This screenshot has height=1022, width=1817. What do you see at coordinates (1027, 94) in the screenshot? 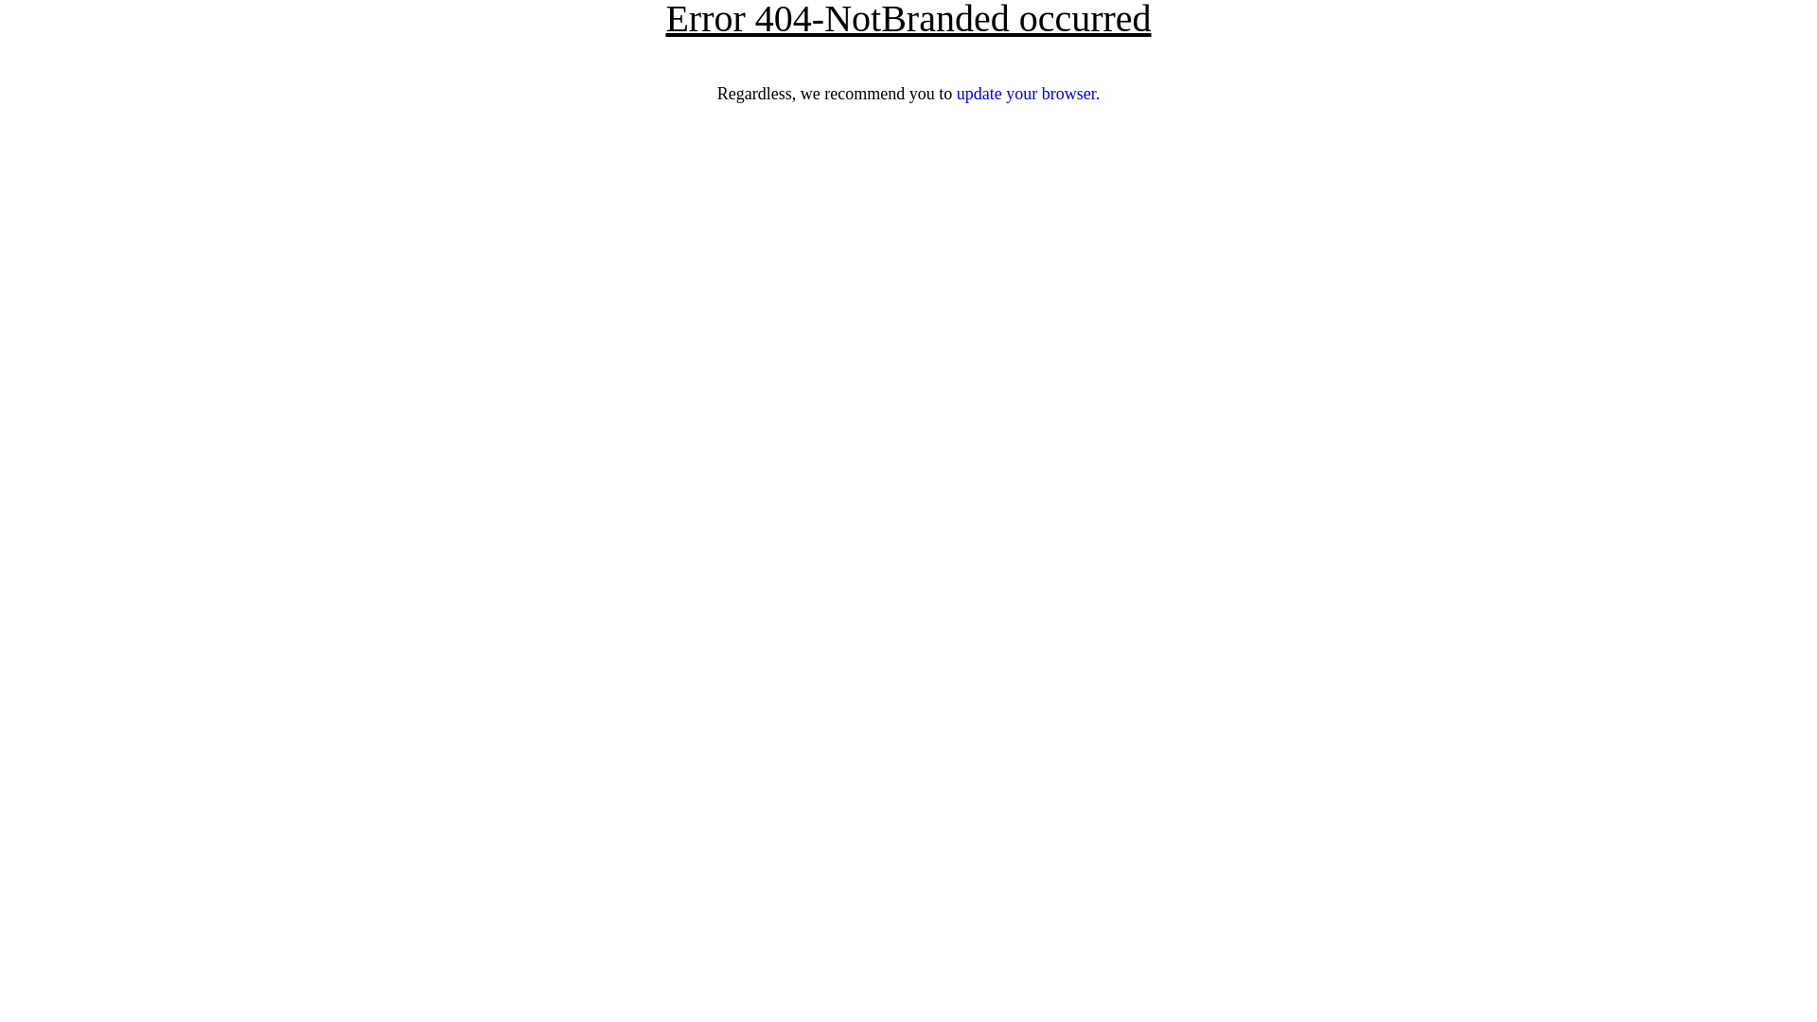
I see `'update your browser.'` at bounding box center [1027, 94].